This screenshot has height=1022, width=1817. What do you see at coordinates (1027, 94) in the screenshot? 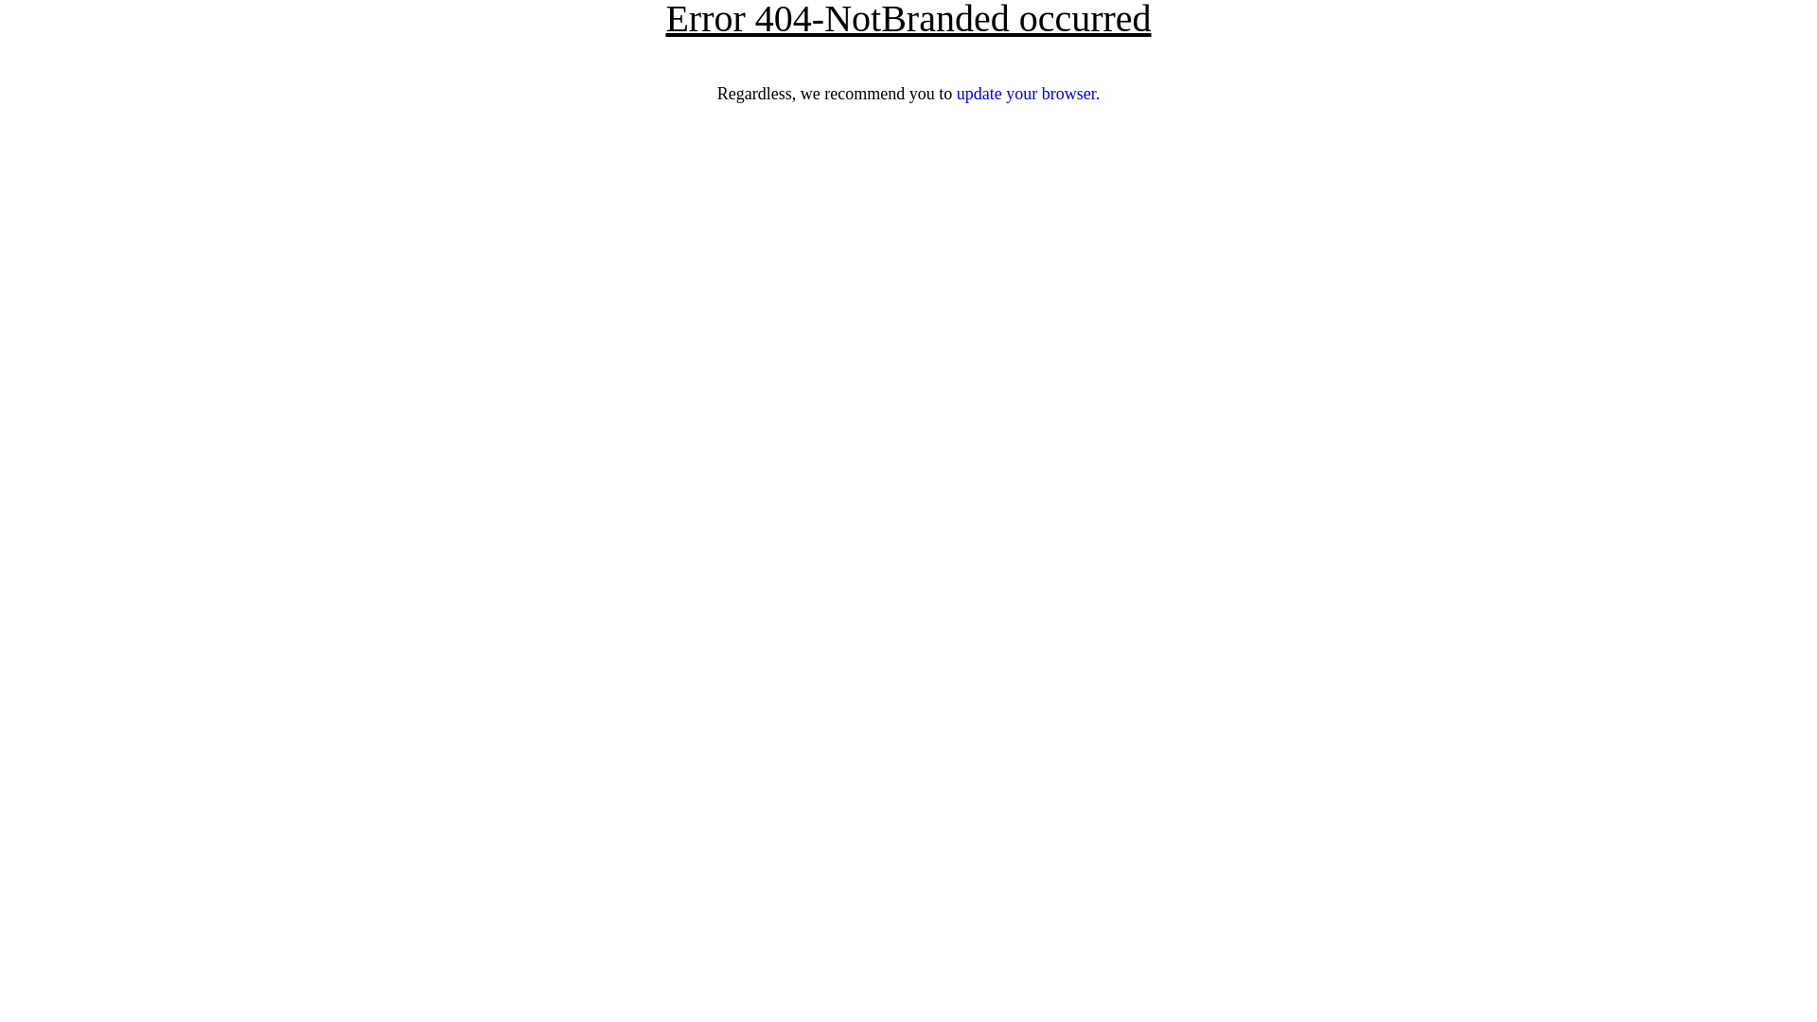
I see `'update your browser.'` at bounding box center [1027, 94].